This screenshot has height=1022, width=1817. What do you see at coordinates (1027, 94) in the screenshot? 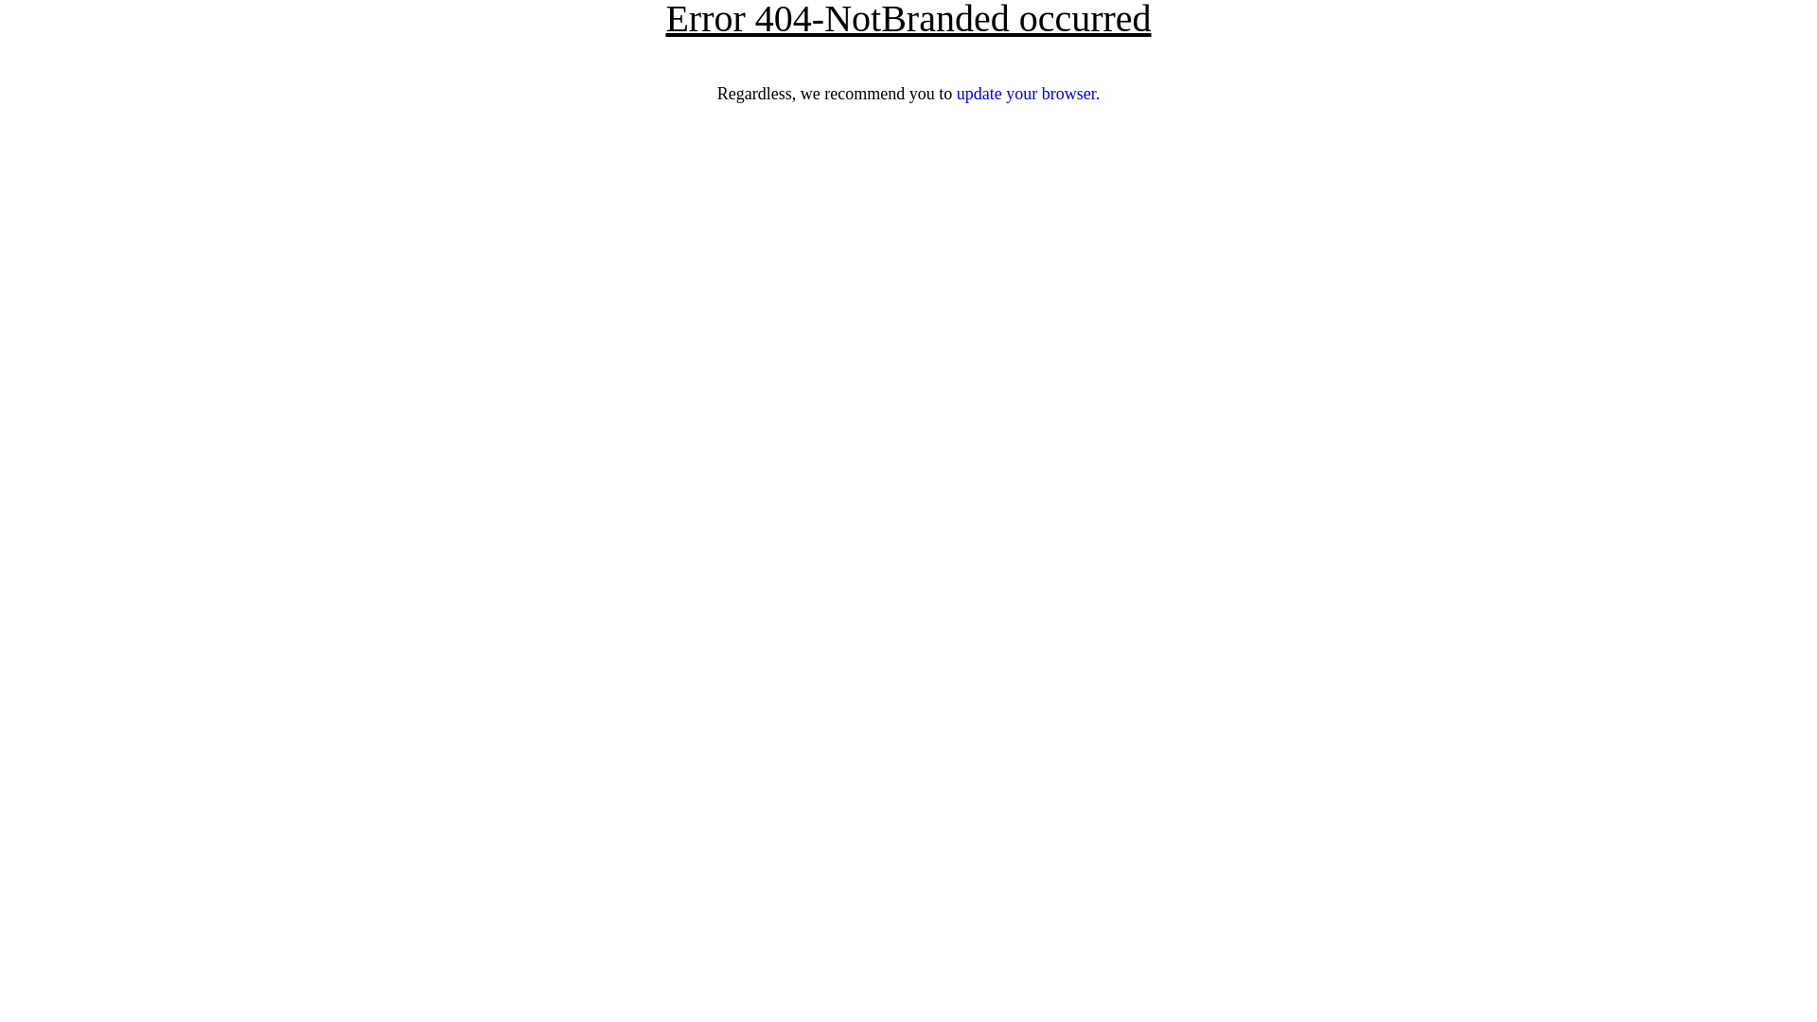
I see `'update your browser.'` at bounding box center [1027, 94].